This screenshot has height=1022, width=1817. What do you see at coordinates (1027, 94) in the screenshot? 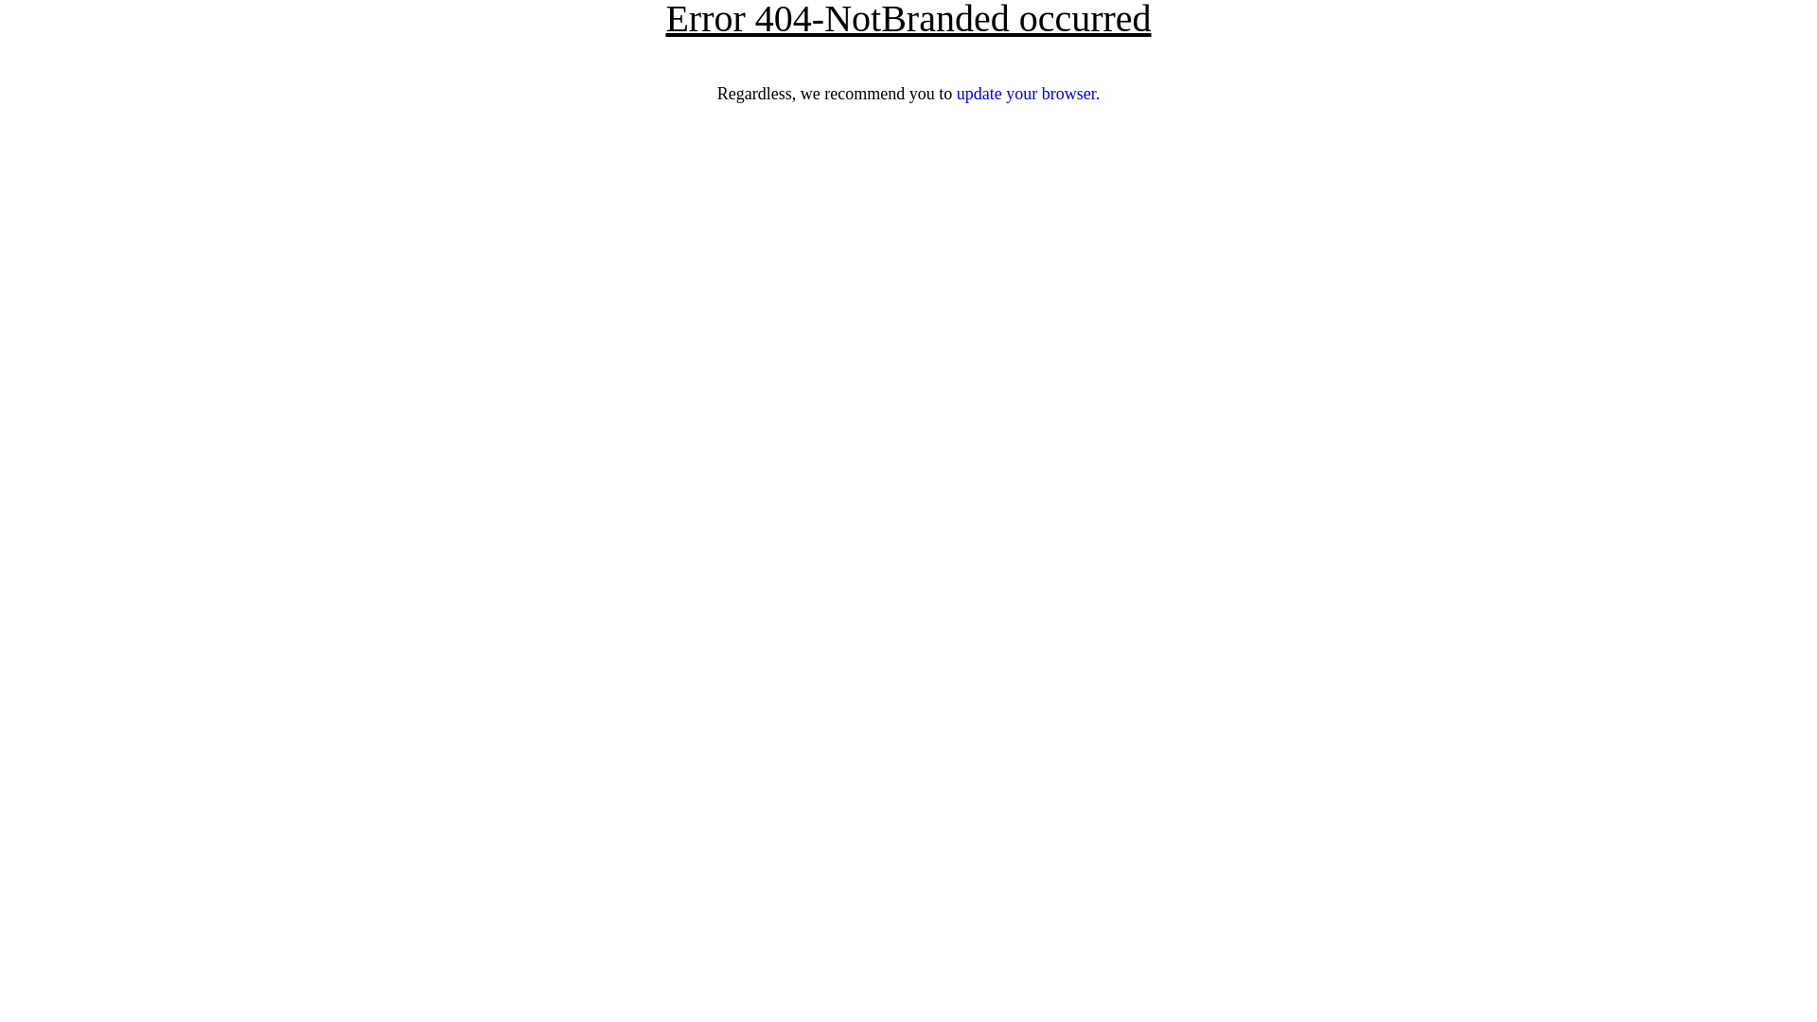
I see `'update your browser.'` at bounding box center [1027, 94].